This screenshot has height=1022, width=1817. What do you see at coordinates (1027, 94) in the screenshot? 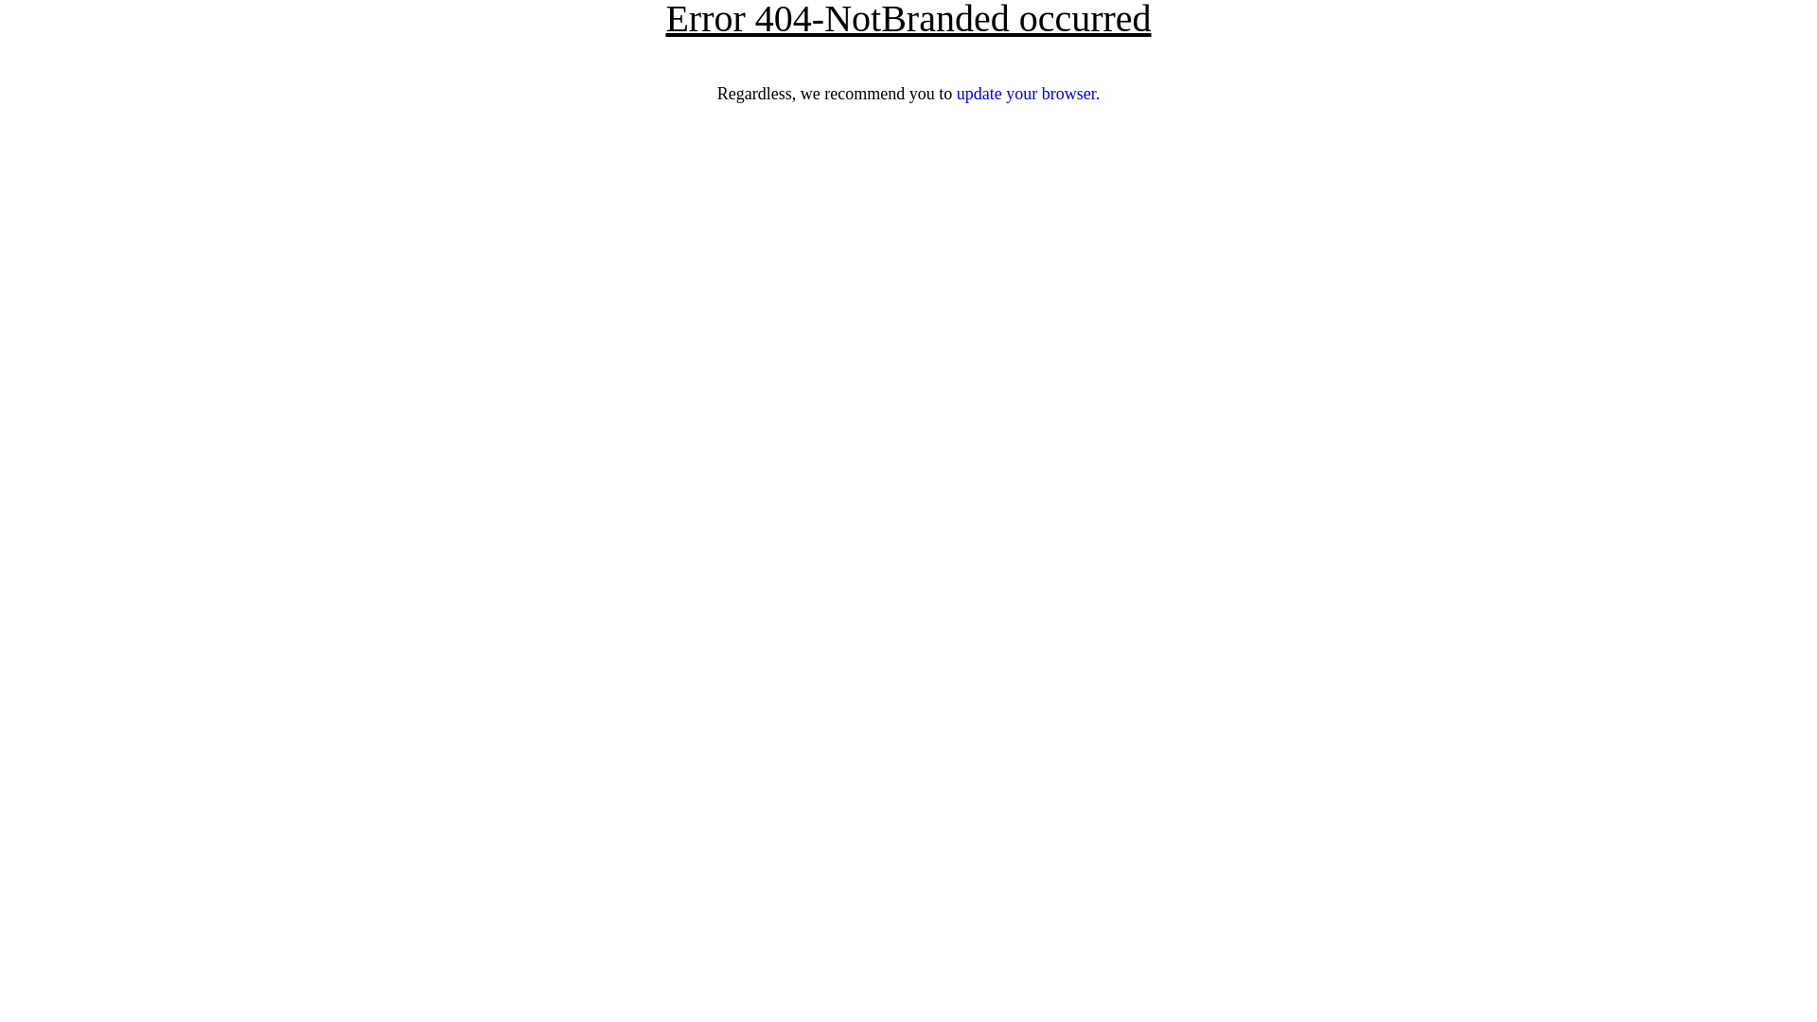
I see `'update your browser.'` at bounding box center [1027, 94].